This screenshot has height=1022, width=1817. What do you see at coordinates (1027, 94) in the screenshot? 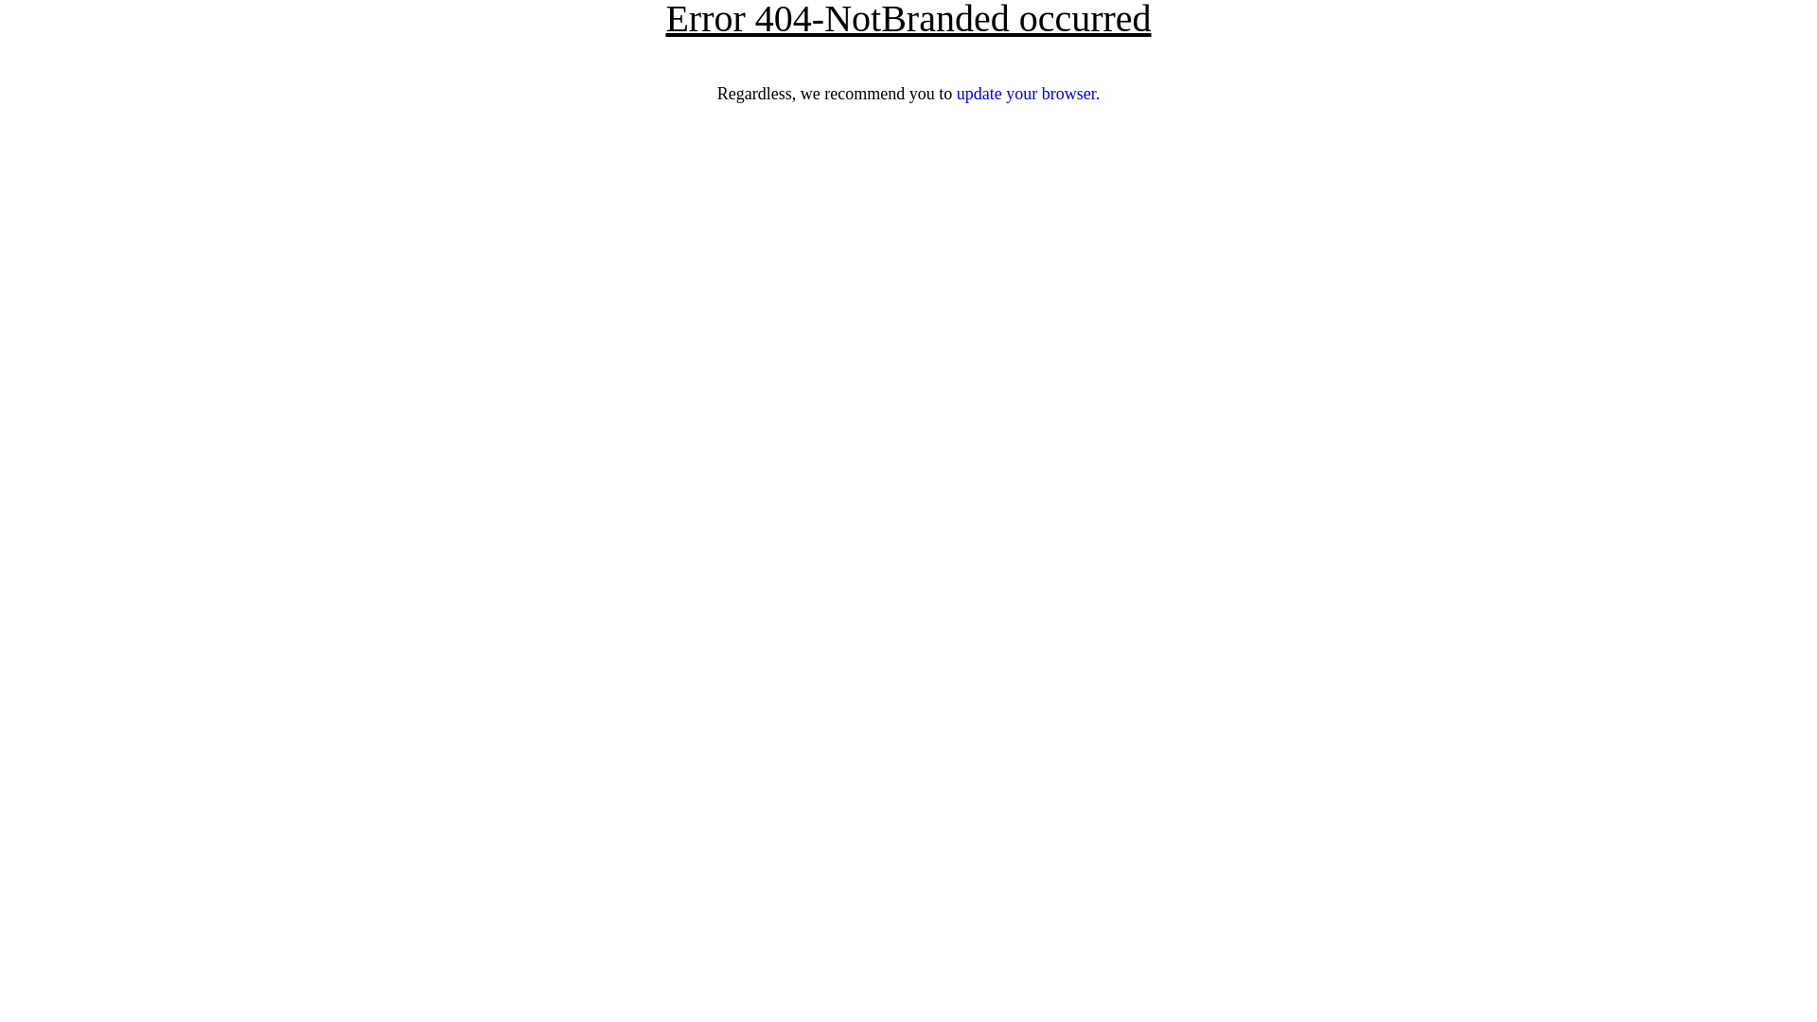
I see `'update your browser.'` at bounding box center [1027, 94].